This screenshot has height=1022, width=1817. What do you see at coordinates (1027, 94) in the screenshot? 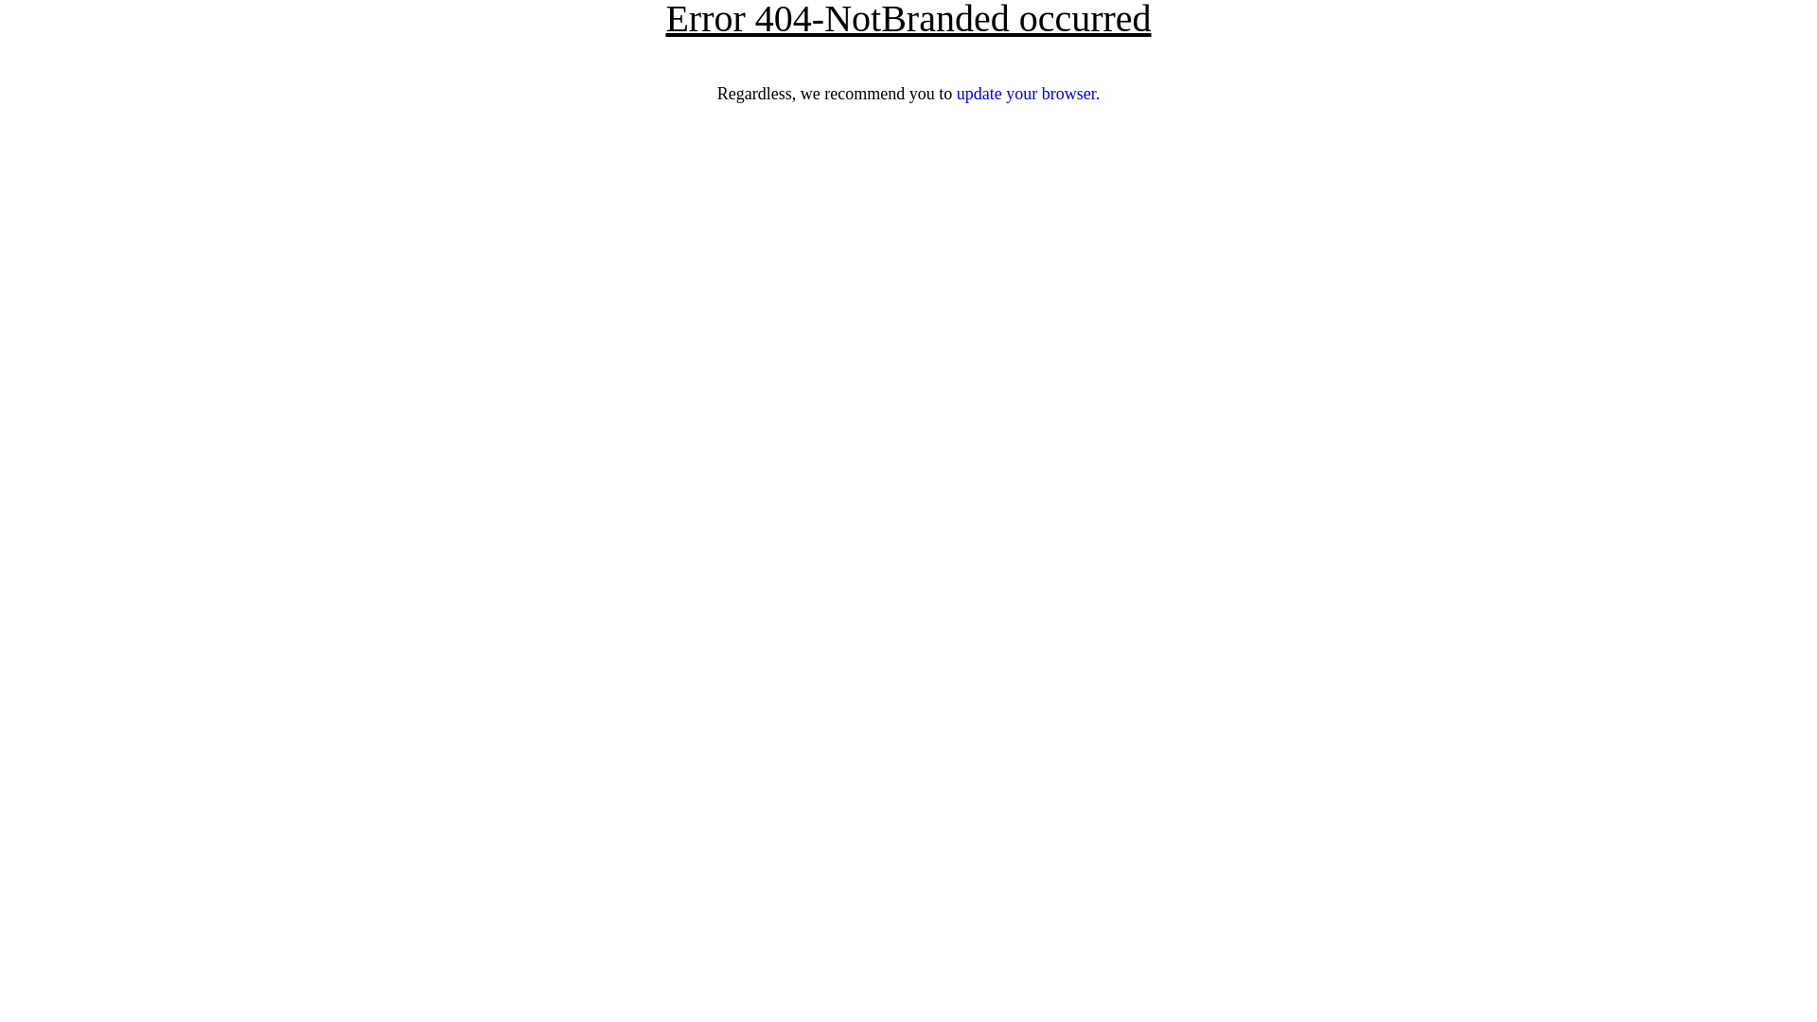
I see `'update your browser.'` at bounding box center [1027, 94].